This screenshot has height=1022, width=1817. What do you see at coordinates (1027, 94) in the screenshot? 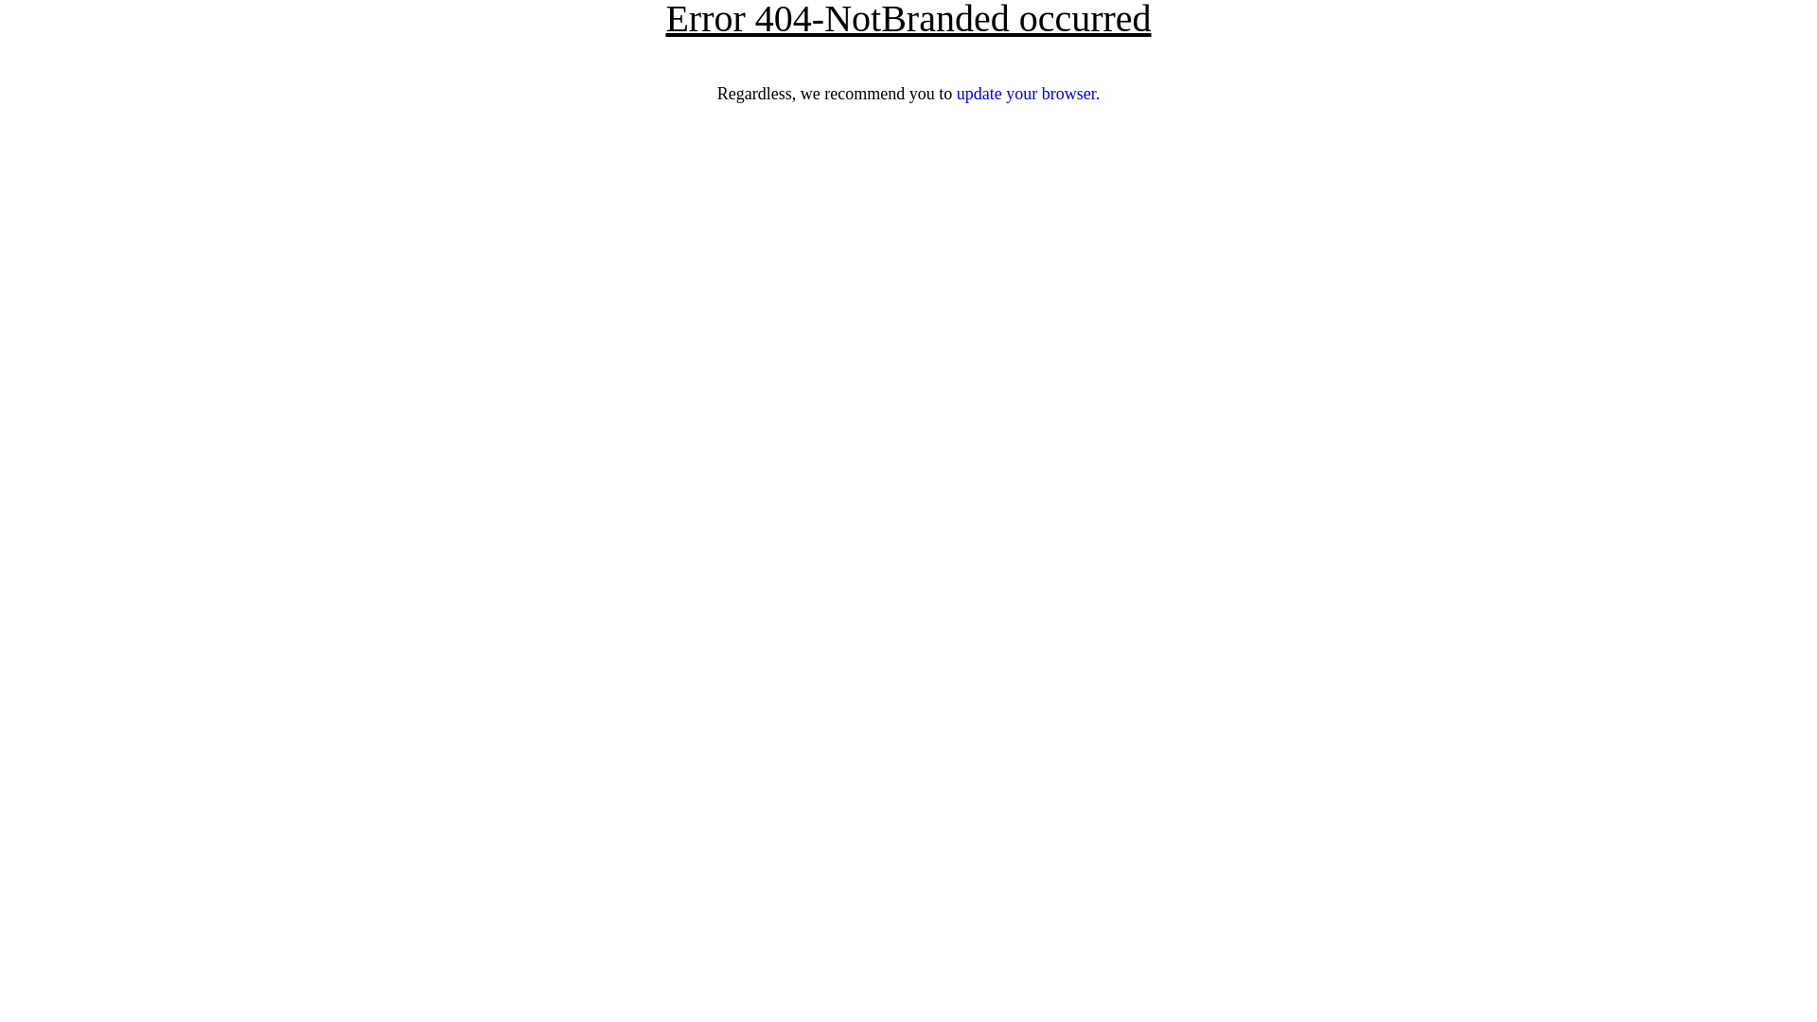
I see `'update your browser.'` at bounding box center [1027, 94].